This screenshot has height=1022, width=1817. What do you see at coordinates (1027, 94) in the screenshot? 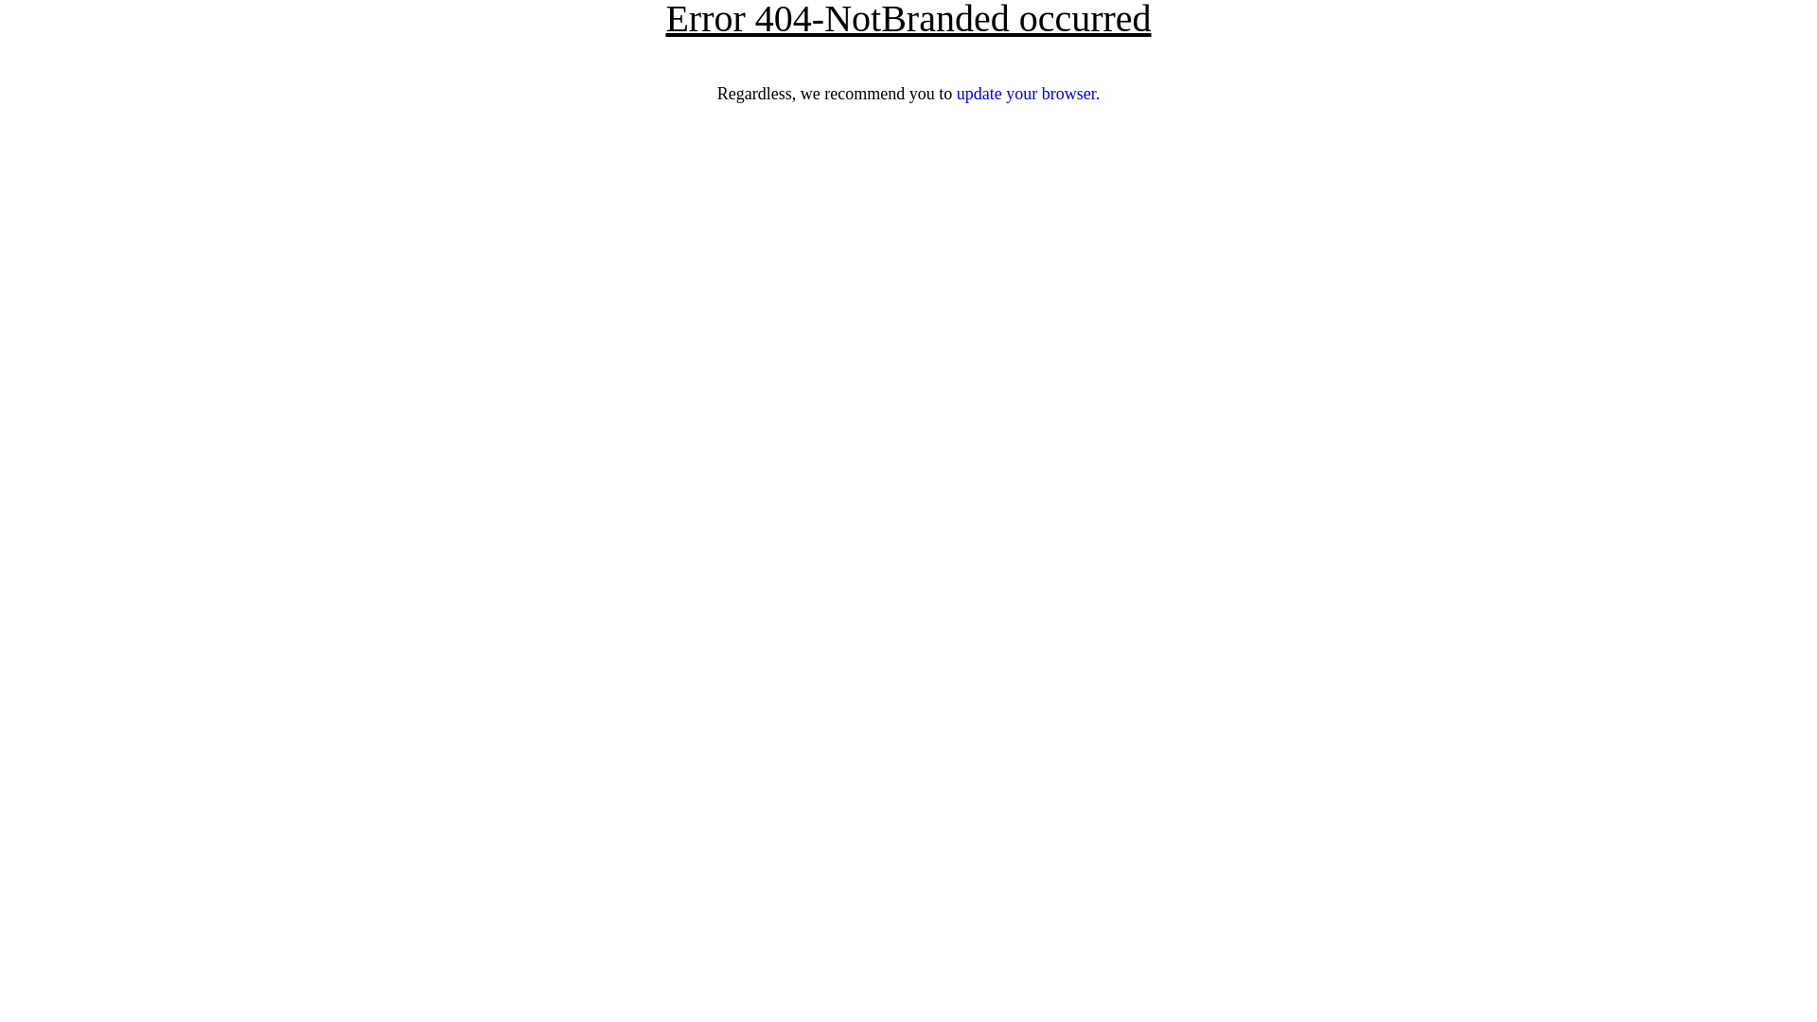
I see `'update your browser.'` at bounding box center [1027, 94].